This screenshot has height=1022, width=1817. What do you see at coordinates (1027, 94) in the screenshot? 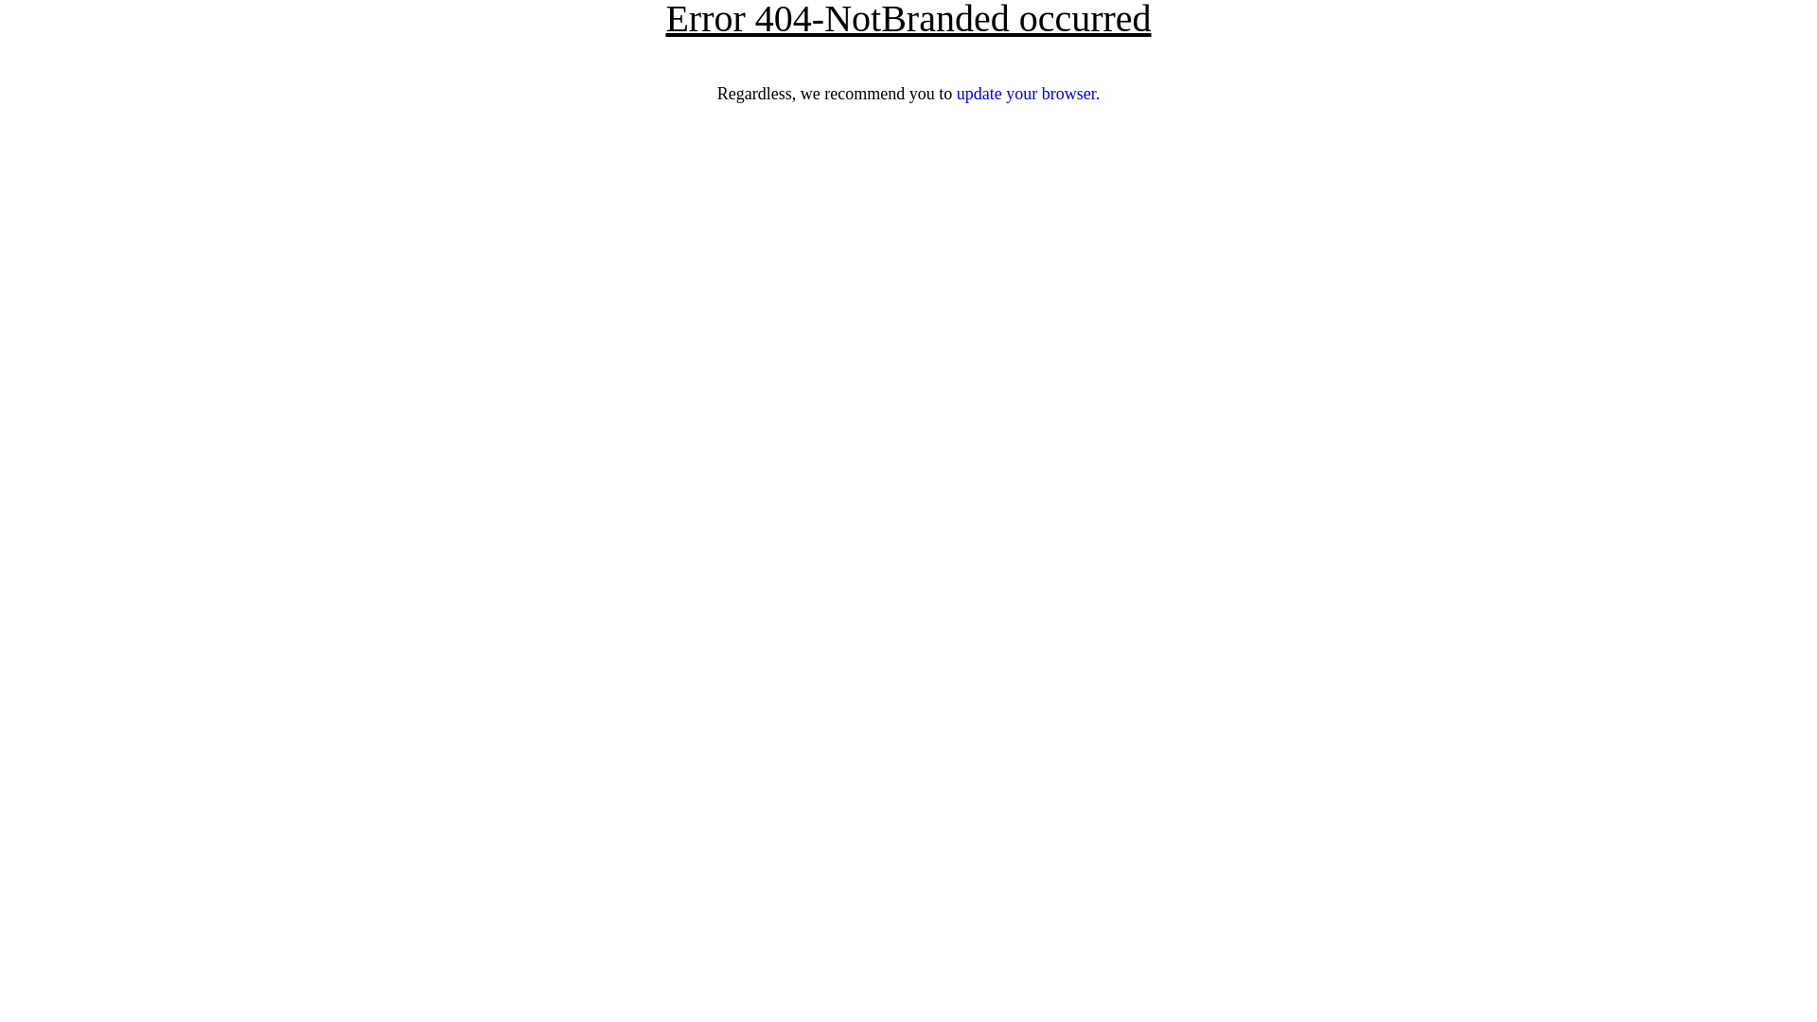
I see `'update your browser.'` at bounding box center [1027, 94].